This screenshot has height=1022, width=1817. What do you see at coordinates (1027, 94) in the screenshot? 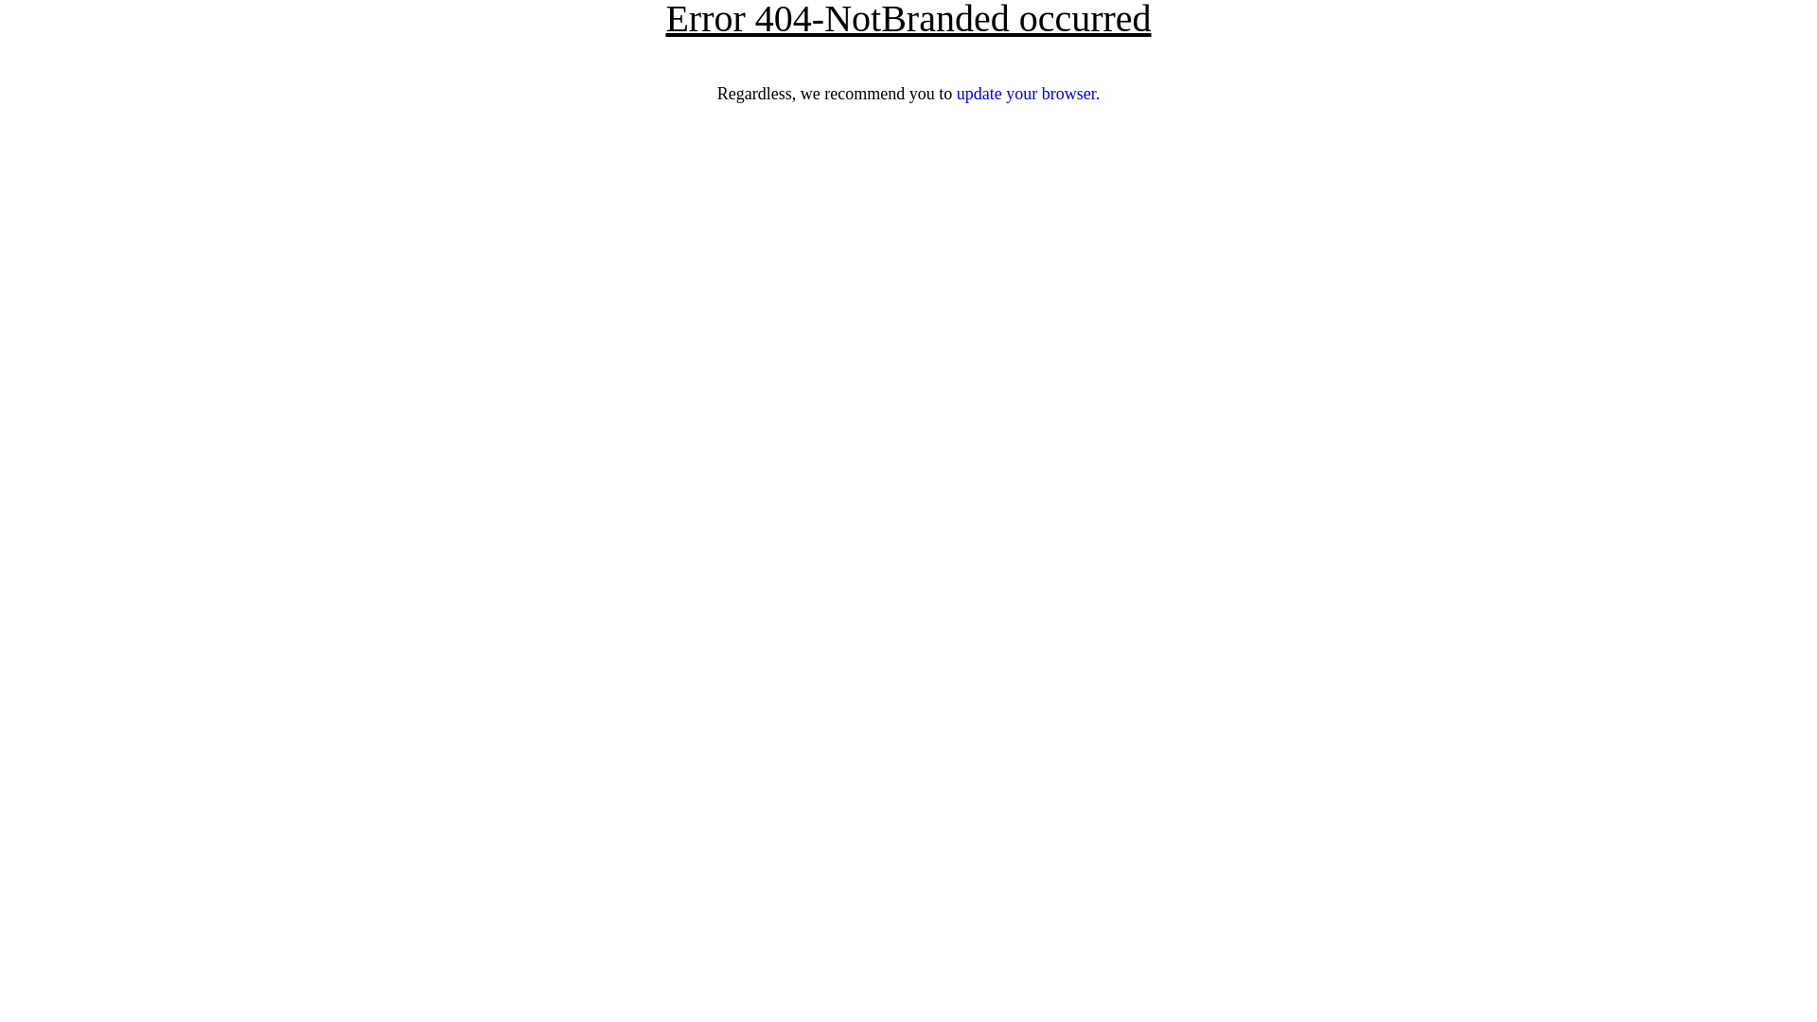
I see `'update your browser.'` at bounding box center [1027, 94].